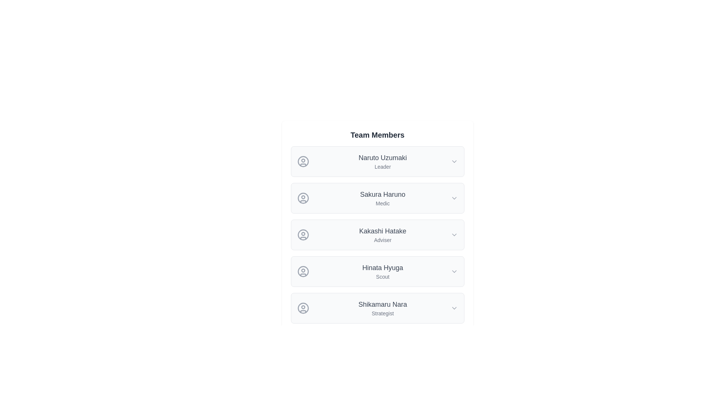 This screenshot has height=404, width=718. What do you see at coordinates (383, 161) in the screenshot?
I see `the Text Block displaying the name and role of a team member, located as the first item in the list of 'Team Members.'` at bounding box center [383, 161].